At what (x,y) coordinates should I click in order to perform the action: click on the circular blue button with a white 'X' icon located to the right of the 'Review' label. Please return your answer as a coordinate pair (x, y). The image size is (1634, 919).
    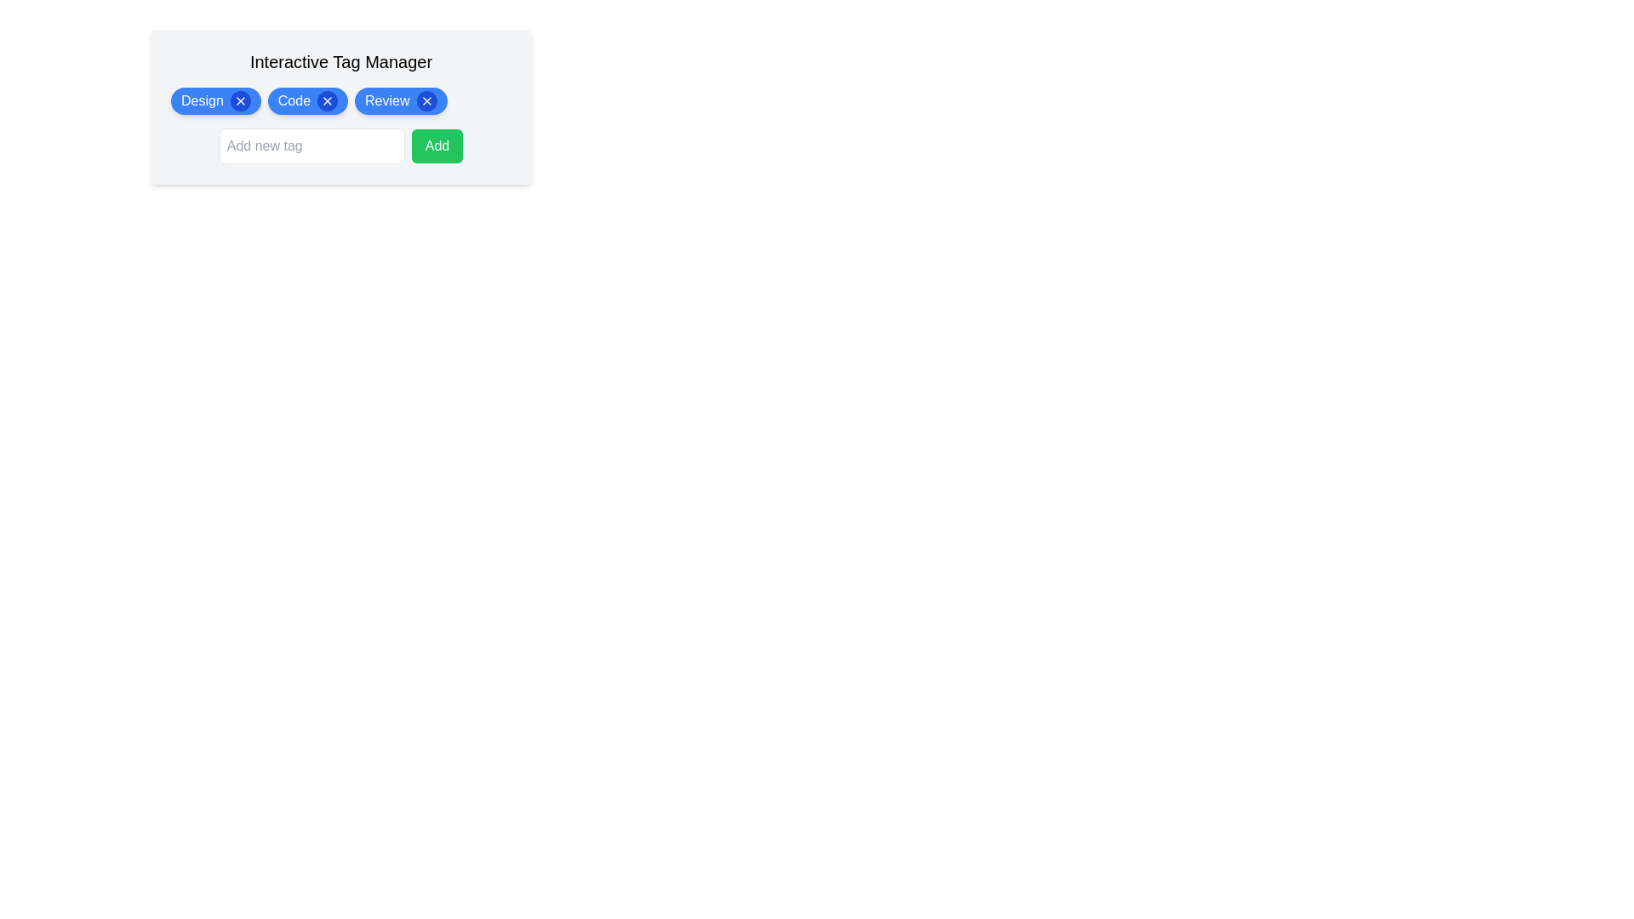
    Looking at the image, I should click on (426, 101).